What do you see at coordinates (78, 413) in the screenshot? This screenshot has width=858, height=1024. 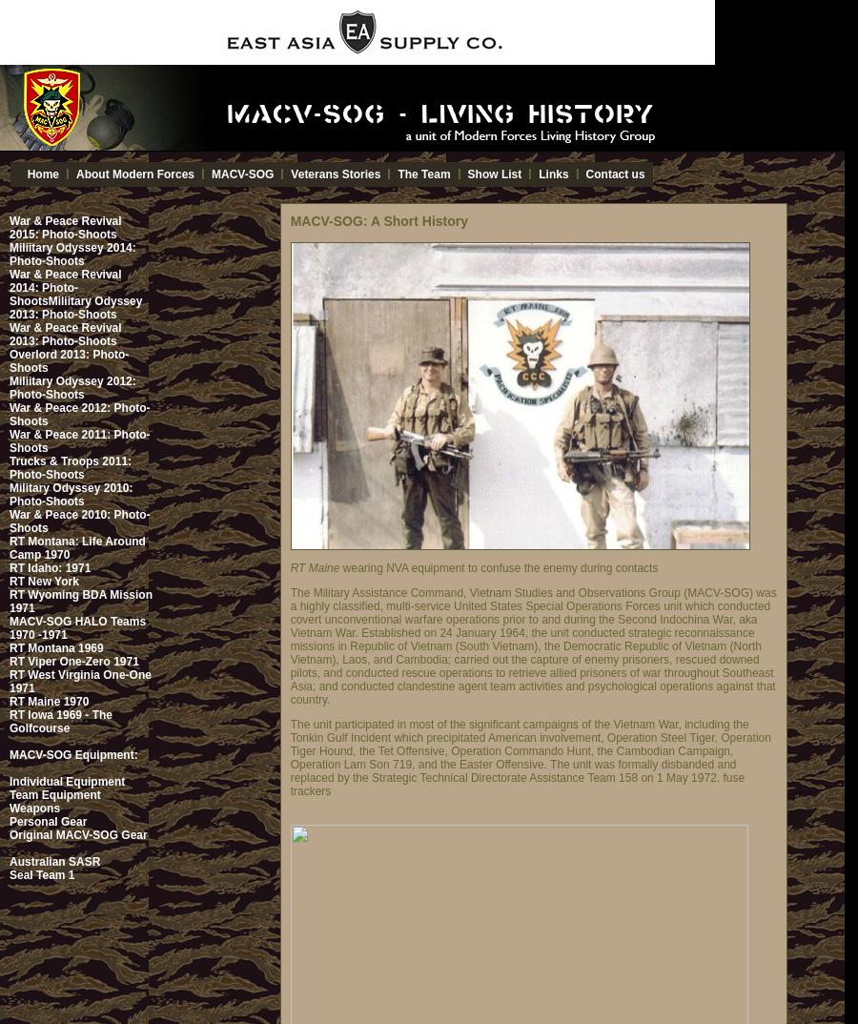 I see `'War & Peace 2012: Photo-Shoots'` at bounding box center [78, 413].